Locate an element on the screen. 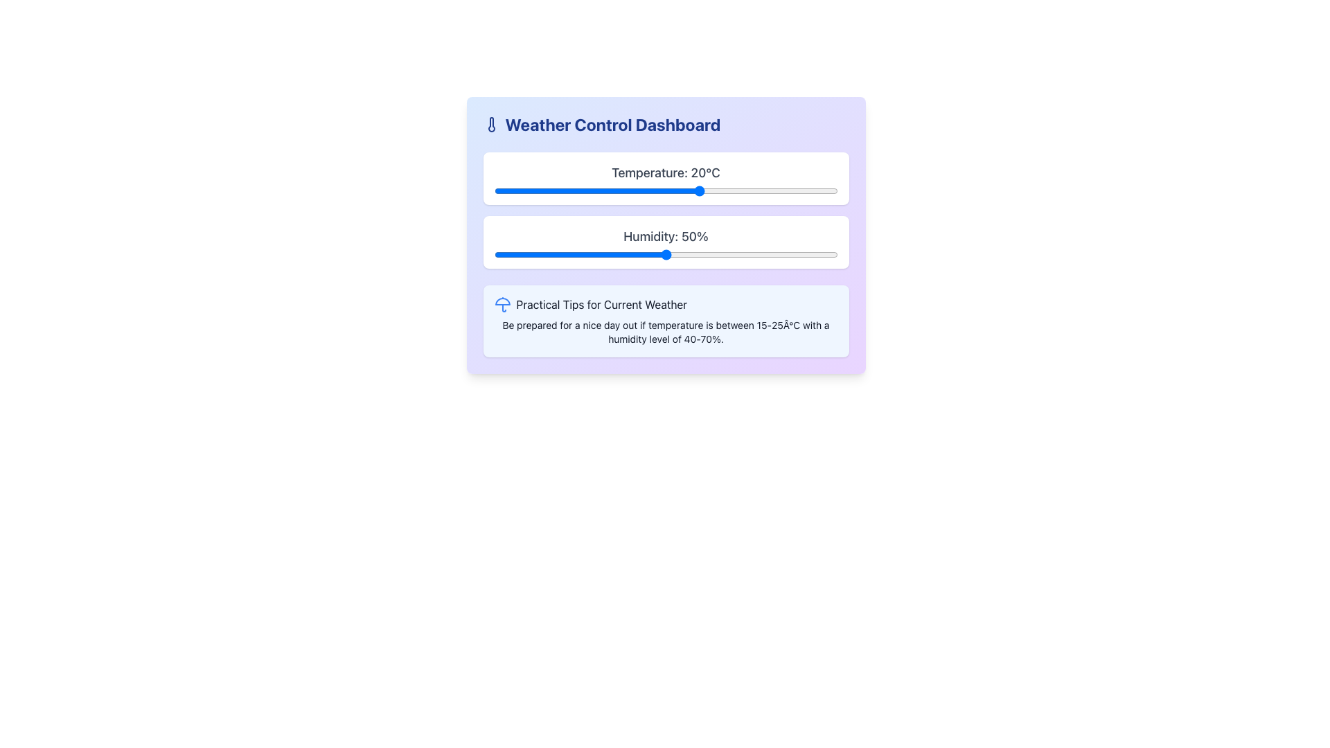 Image resolution: width=1330 pixels, height=748 pixels. the vertical line segment that represents the umbrella's handle in the weather-related icon is located at coordinates (503, 307).